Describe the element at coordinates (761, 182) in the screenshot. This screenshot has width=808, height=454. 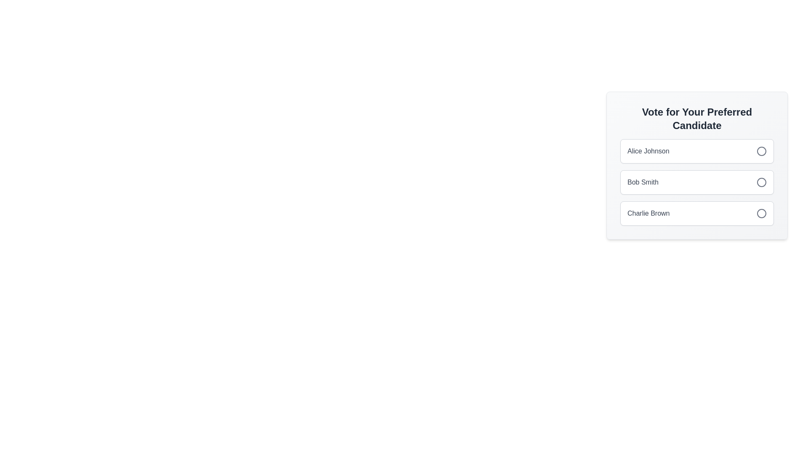
I see `the circular radio button indicator next to the label 'Bob Smith'` at that location.